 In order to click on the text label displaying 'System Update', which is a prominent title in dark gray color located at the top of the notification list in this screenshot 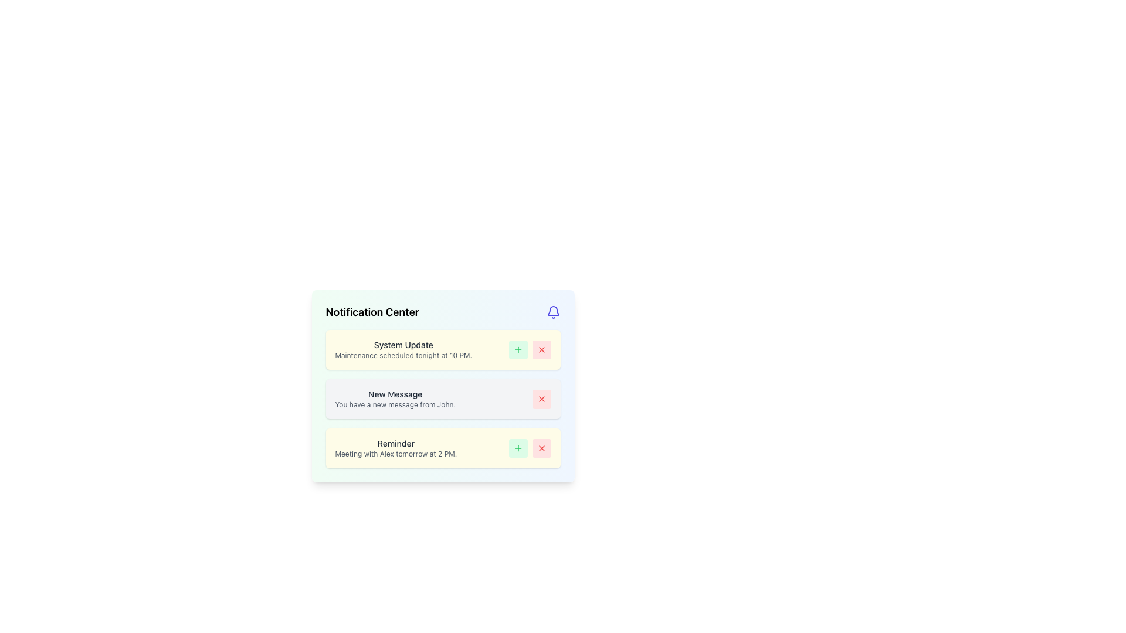, I will do `click(403, 345)`.